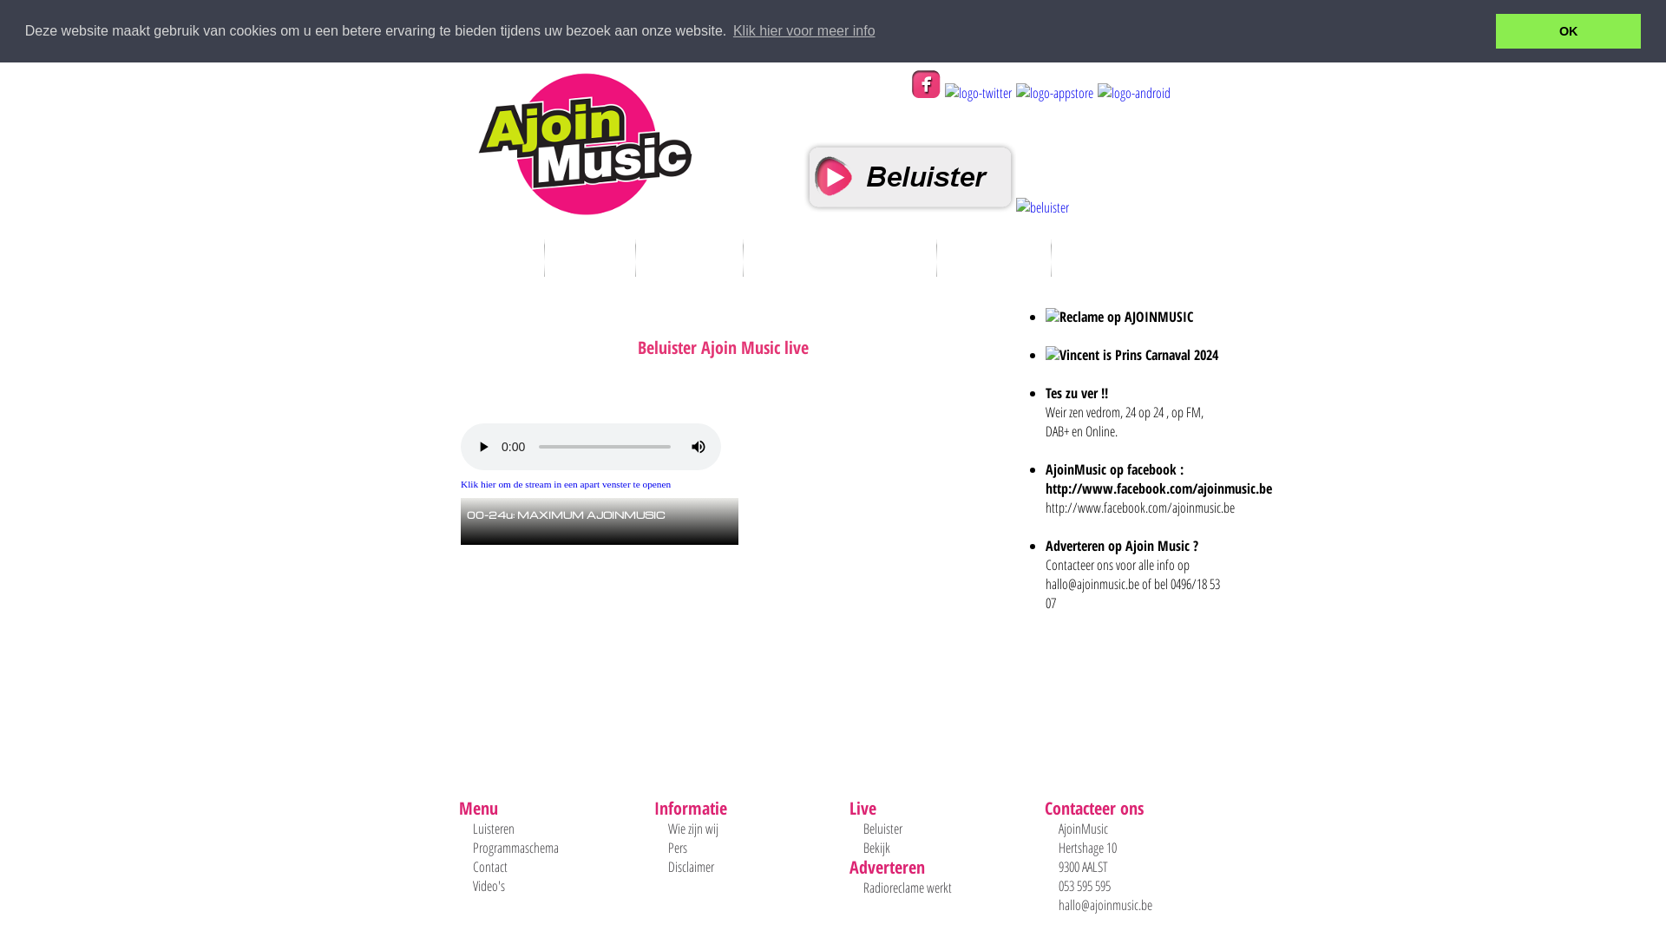  I want to click on 'Video's', so click(473, 886).